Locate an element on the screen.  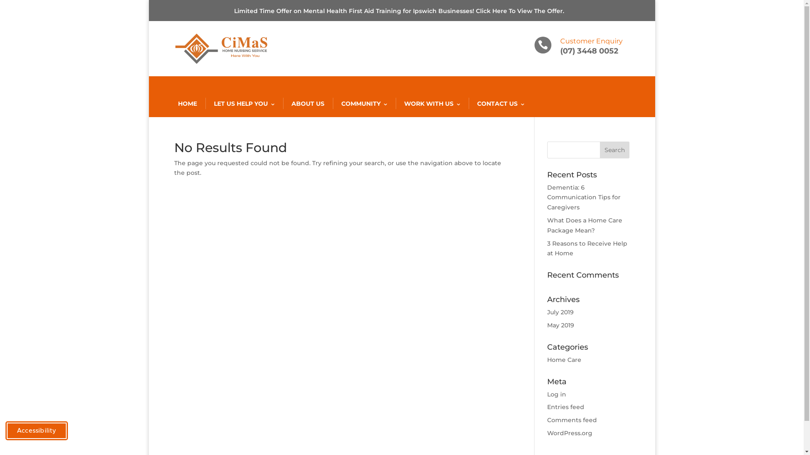
'Dementia: 6 Communication Tips for Caregivers' is located at coordinates (583, 198).